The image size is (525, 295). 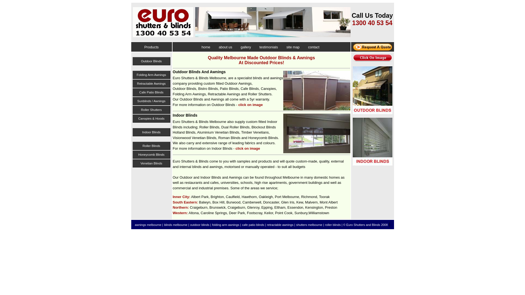 What do you see at coordinates (151, 101) in the screenshot?
I see `'Sunblinds / Awnings'` at bounding box center [151, 101].